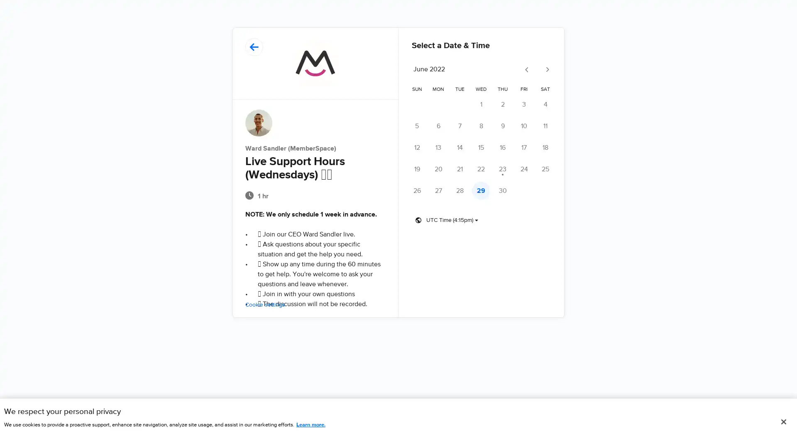 The height and width of the screenshot is (448, 797). What do you see at coordinates (481, 147) in the screenshot?
I see `Wednesday, June 15 - No times available` at bounding box center [481, 147].